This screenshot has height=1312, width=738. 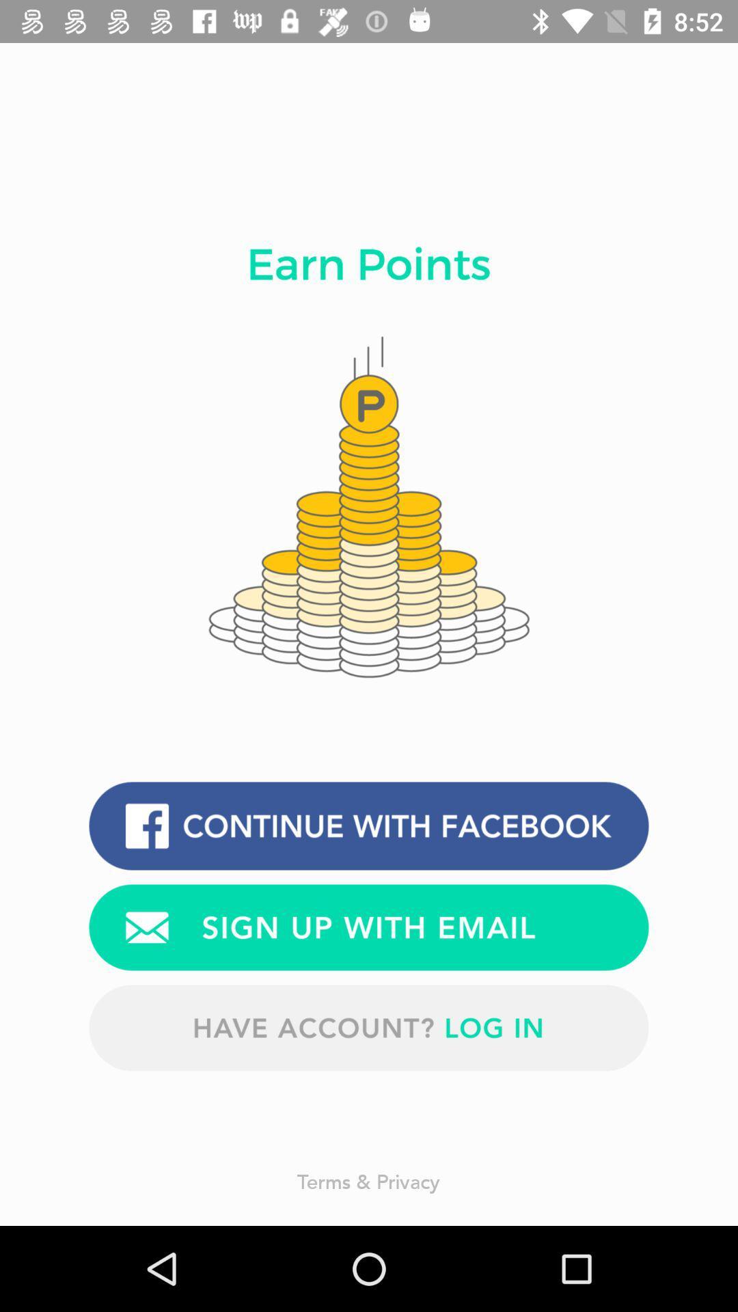 I want to click on terms & privacy item, so click(x=368, y=1180).